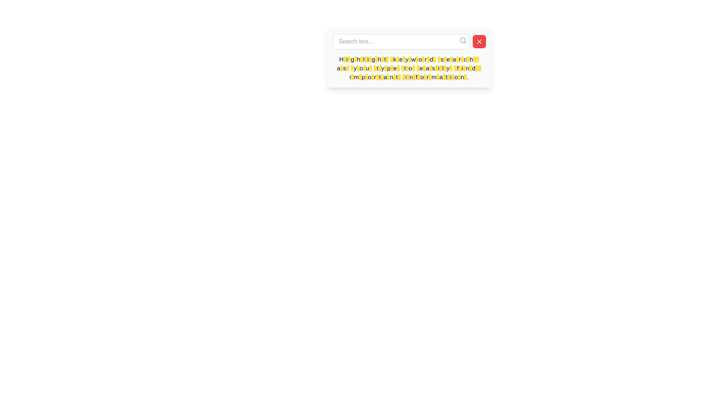 This screenshot has height=398, width=708. Describe the element at coordinates (366, 77) in the screenshot. I see `the 13th decorative text highlight, which is a rectangular highlight with a yellow background and black text, styled with rounded edges, emphasizing a portion of a sentence` at that location.